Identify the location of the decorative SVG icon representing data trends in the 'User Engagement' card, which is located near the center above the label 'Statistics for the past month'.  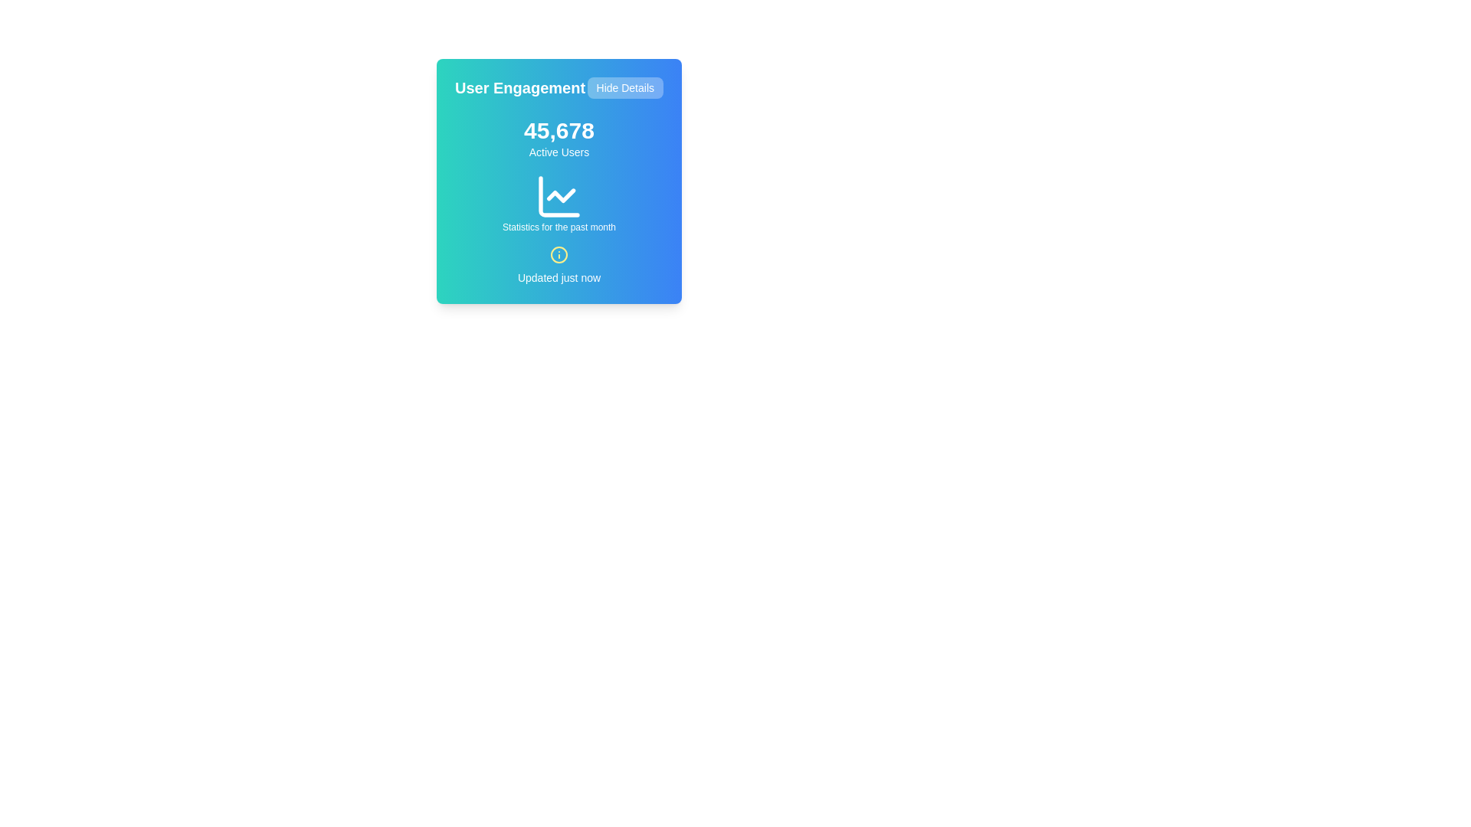
(560, 194).